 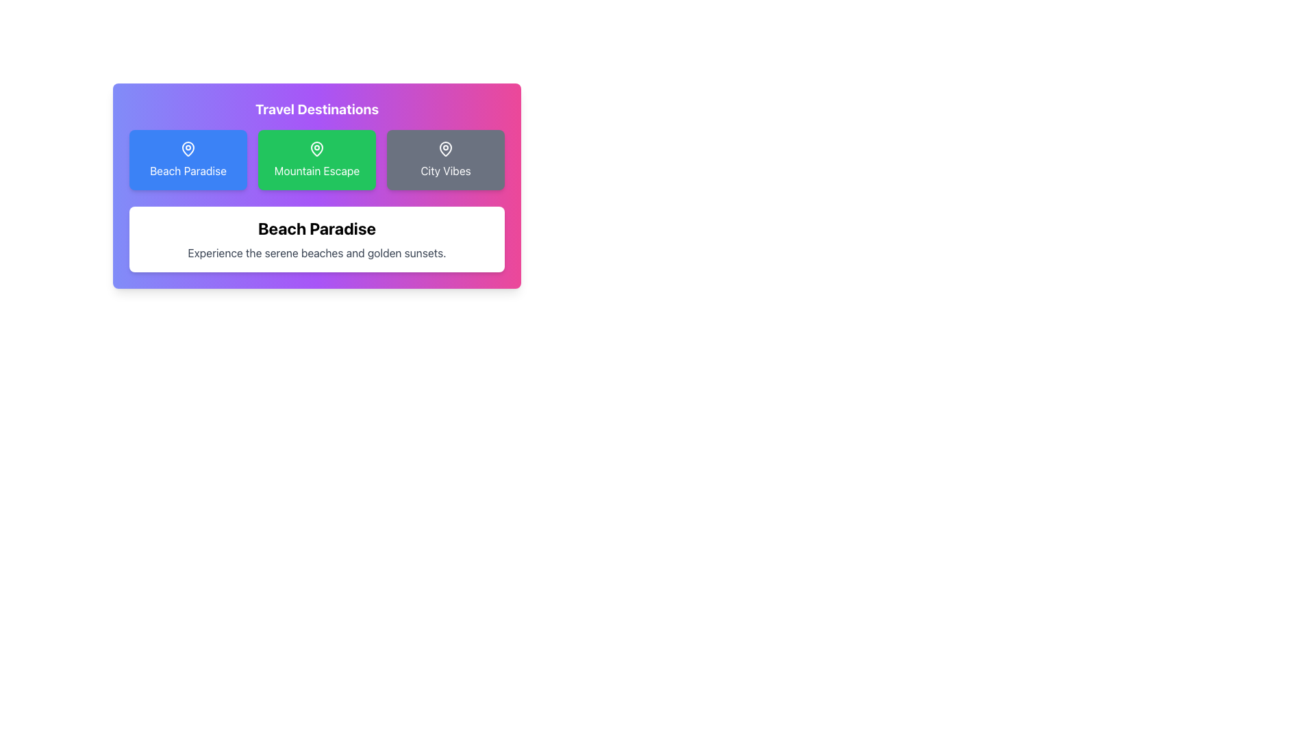 What do you see at coordinates (316, 149) in the screenshot?
I see `the SVG icon that serves as a visual indicator for the 'Mountain Escape' section, located within the green button in the top section of a travel destinations card` at bounding box center [316, 149].